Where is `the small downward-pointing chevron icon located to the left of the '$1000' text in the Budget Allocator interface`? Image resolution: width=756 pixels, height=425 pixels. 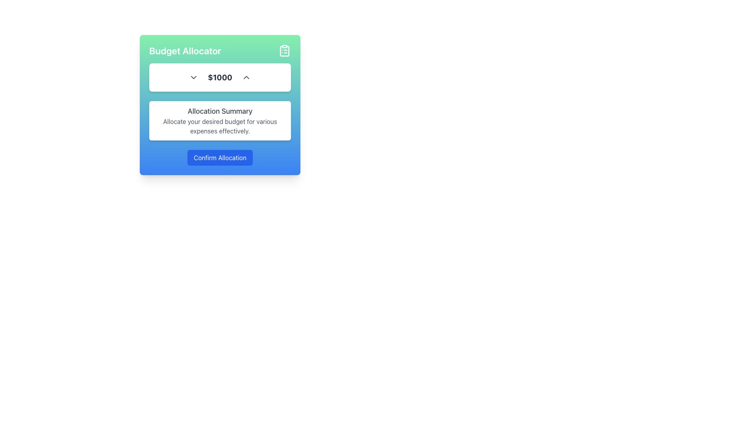 the small downward-pointing chevron icon located to the left of the '$1000' text in the Budget Allocator interface is located at coordinates (194, 77).